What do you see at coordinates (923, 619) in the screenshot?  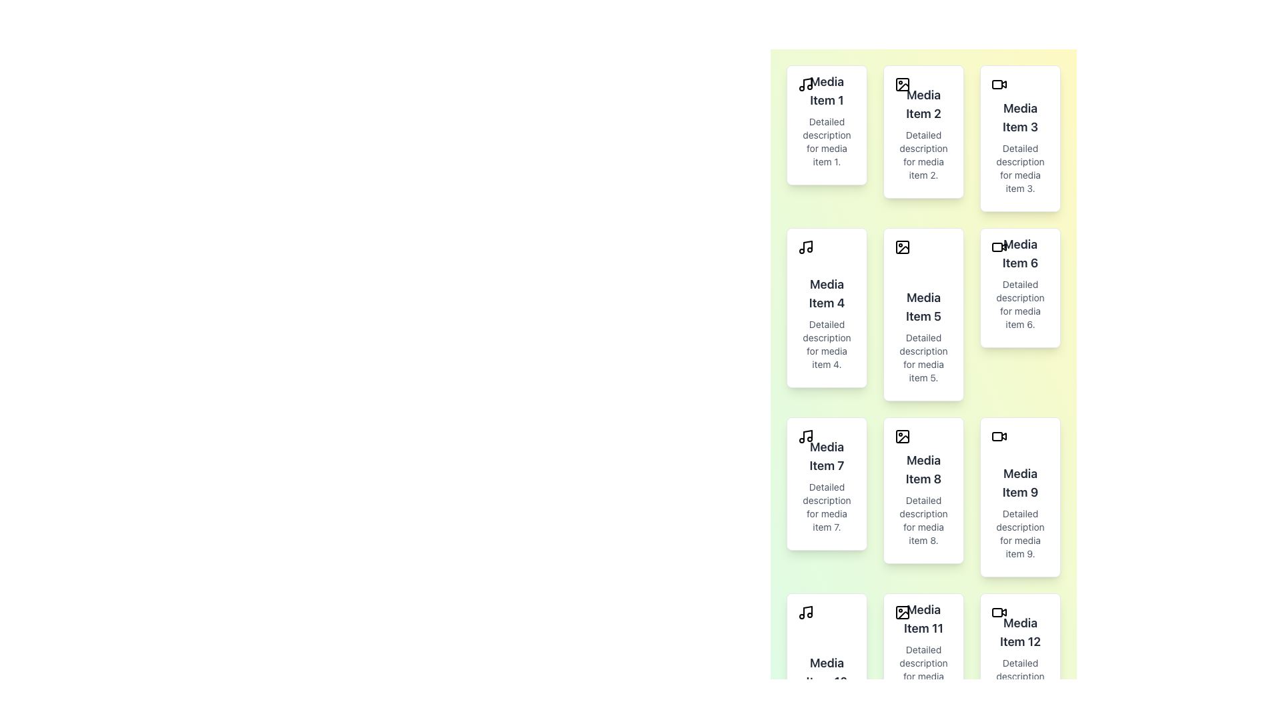 I see `the text label displaying 'Media Item 11'` at bounding box center [923, 619].